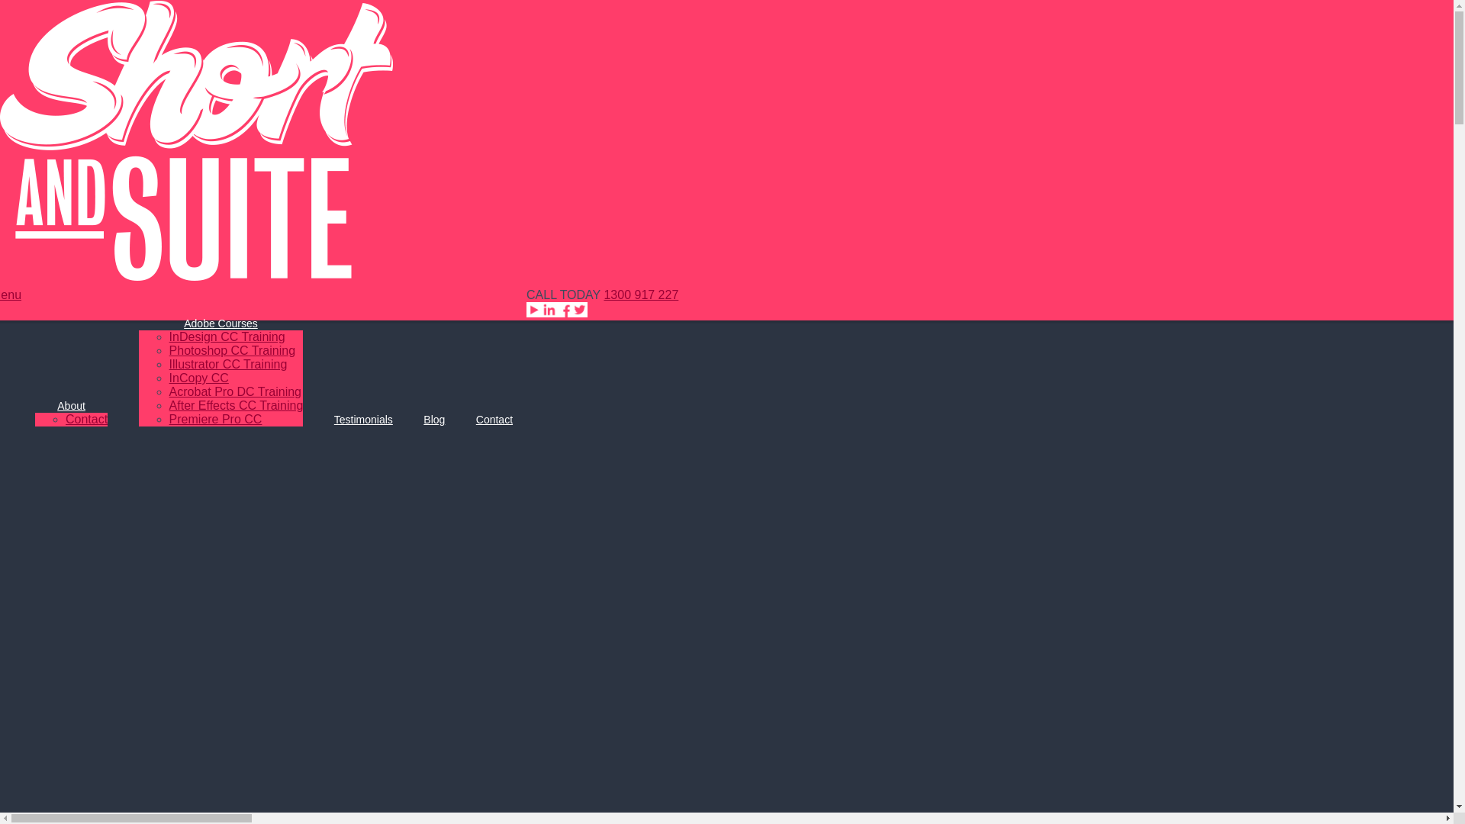 Image resolution: width=1465 pixels, height=824 pixels. What do you see at coordinates (362, 420) in the screenshot?
I see `'Testimonials'` at bounding box center [362, 420].